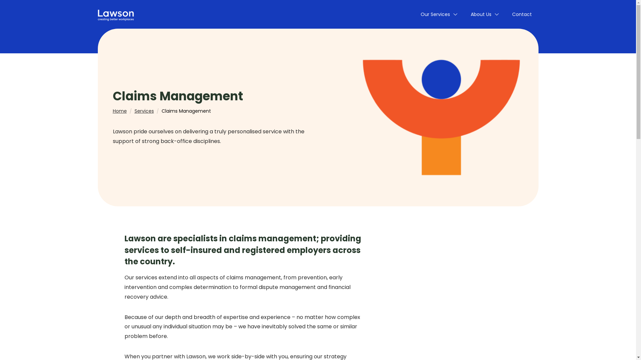 This screenshot has height=360, width=641. What do you see at coordinates (120, 110) in the screenshot?
I see `'Home'` at bounding box center [120, 110].